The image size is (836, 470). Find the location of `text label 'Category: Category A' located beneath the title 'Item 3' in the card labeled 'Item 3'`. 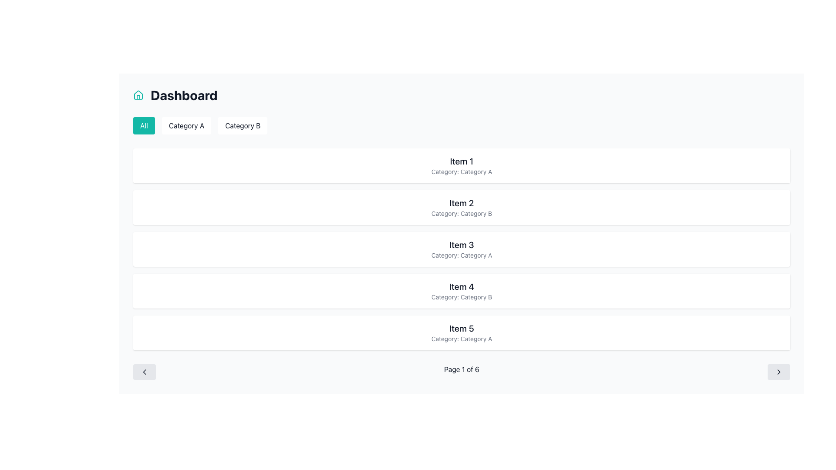

text label 'Category: Category A' located beneath the title 'Item 3' in the card labeled 'Item 3' is located at coordinates (461, 255).